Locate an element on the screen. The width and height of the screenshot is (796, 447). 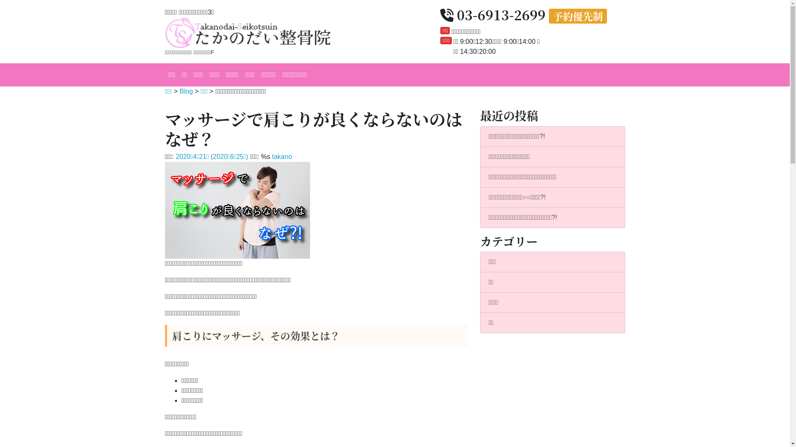
'takano' is located at coordinates (282, 156).